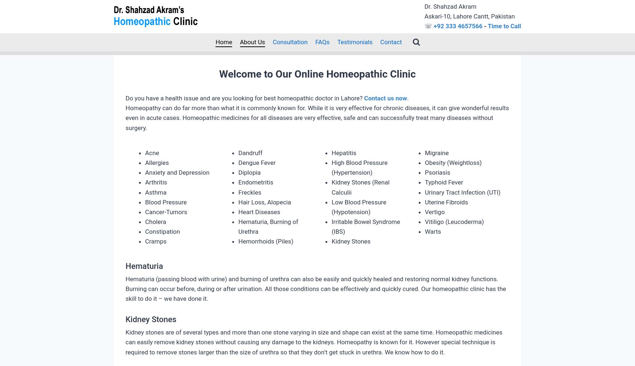 The height and width of the screenshot is (366, 635). What do you see at coordinates (391, 41) in the screenshot?
I see `'Contact'` at bounding box center [391, 41].